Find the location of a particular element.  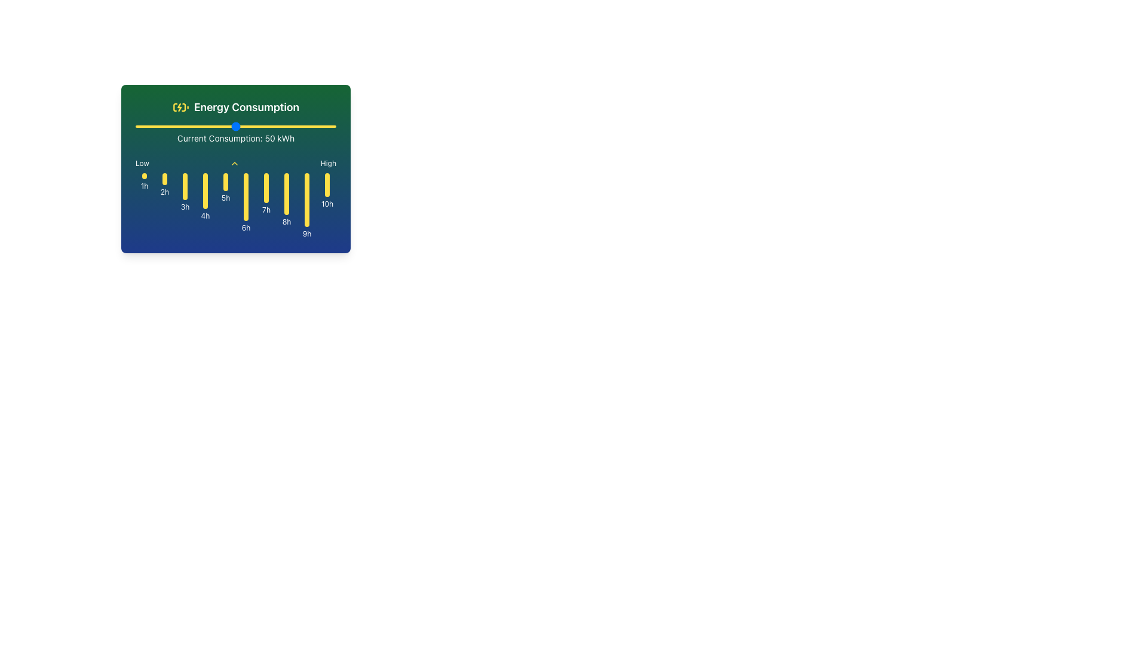

the text label displaying 'Low', which is the first element in a horizontal layout containing 'Low', an upward arrow icon, and 'High' is located at coordinates (142, 163).